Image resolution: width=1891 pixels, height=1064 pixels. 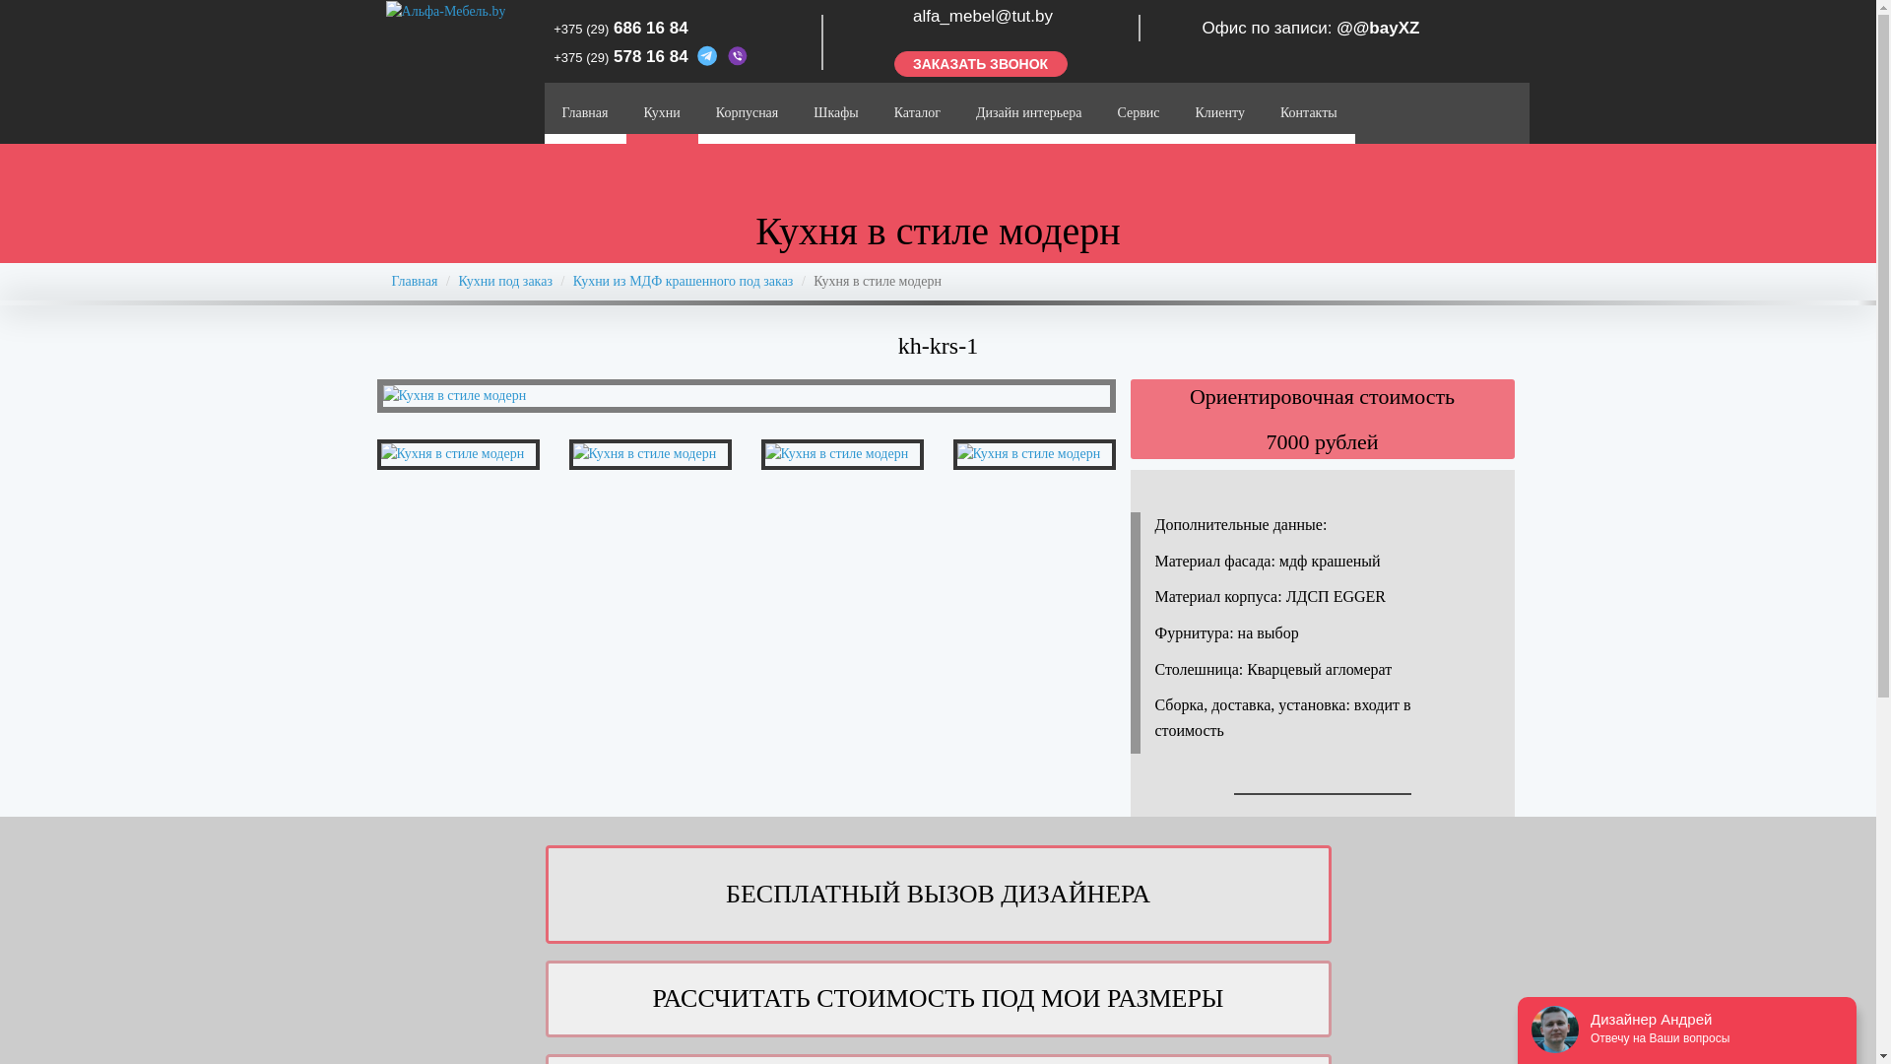 What do you see at coordinates (651, 28) in the screenshot?
I see `'686 16 84'` at bounding box center [651, 28].